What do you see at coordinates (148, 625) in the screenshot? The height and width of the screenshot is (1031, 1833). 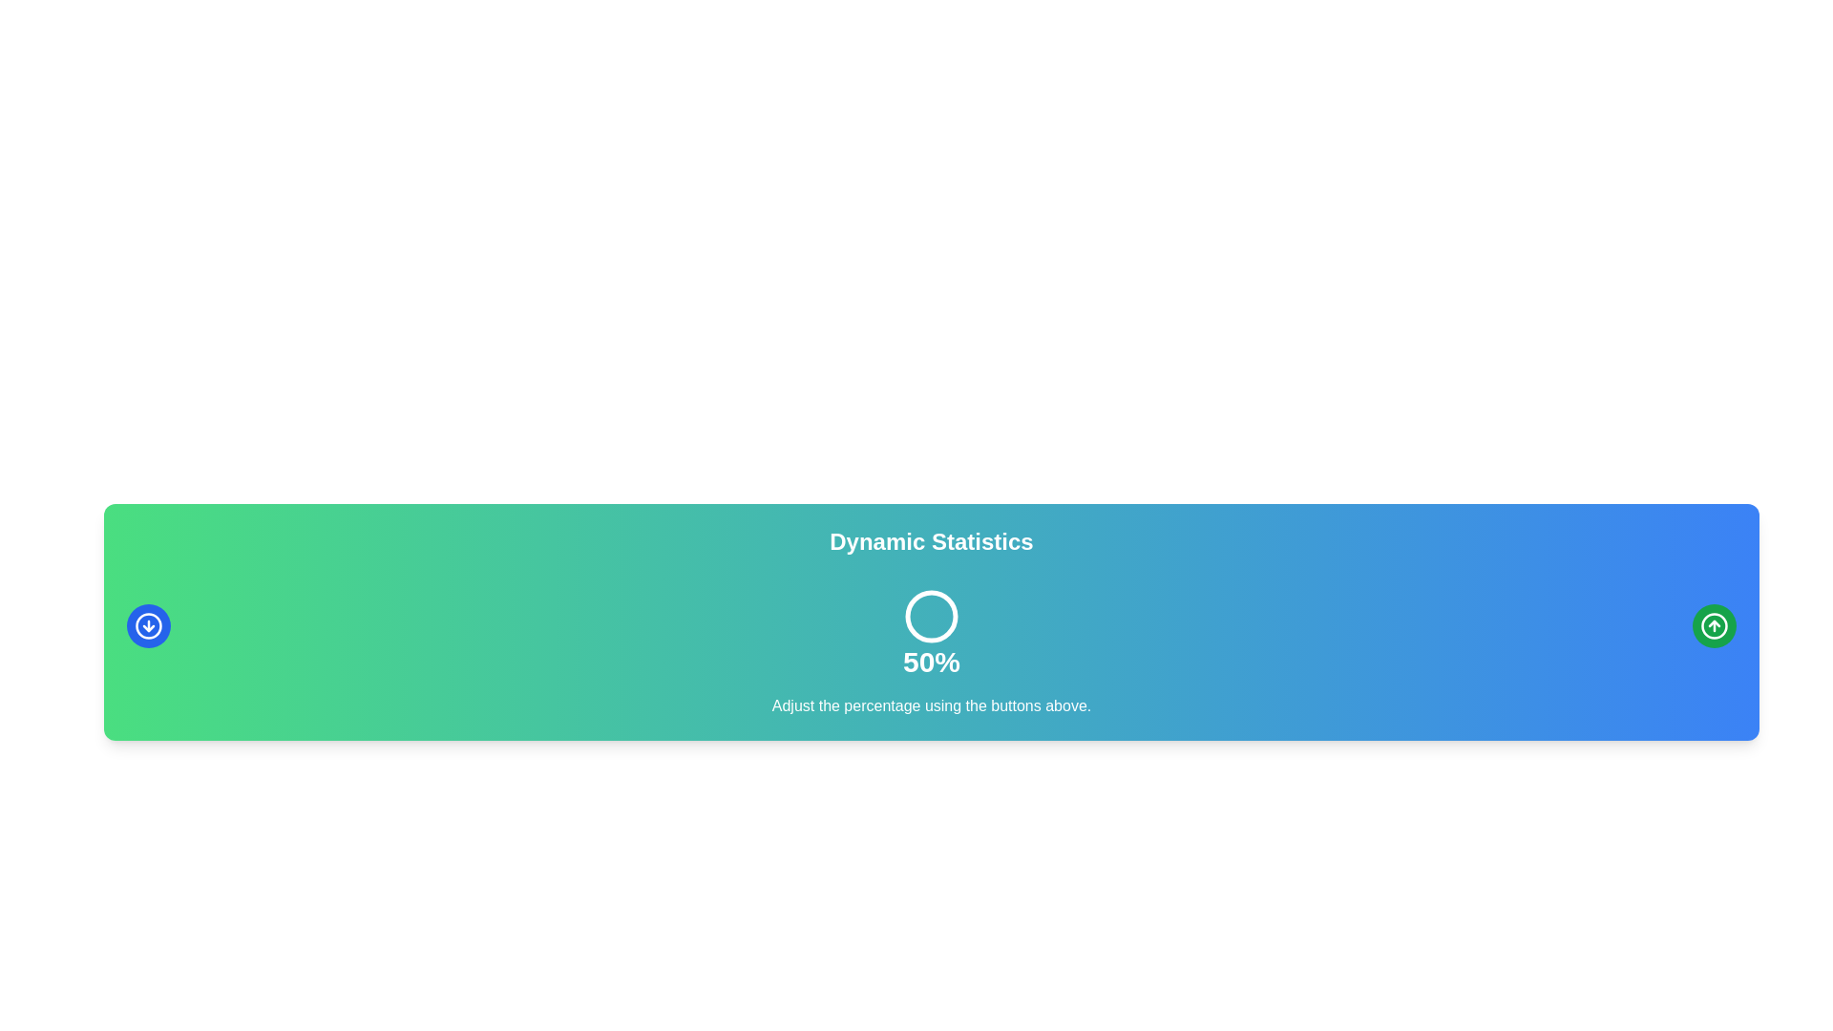 I see `the downward arrow button located at the bottom-left corner of the central interface panel` at bounding box center [148, 625].